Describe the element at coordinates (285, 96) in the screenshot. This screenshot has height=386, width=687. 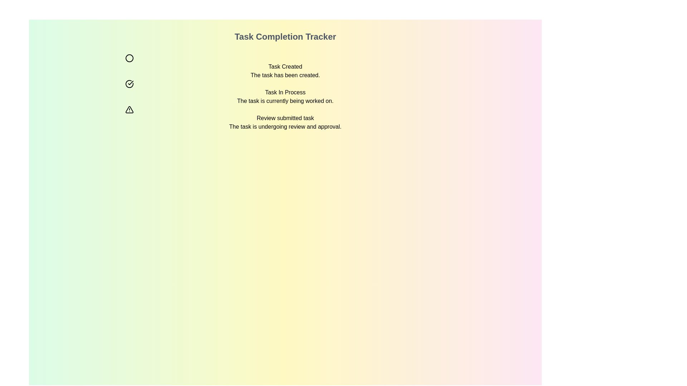
I see `information from the text label that says 'Task In Process' and its description 'The task is currently being worked on.'` at that location.